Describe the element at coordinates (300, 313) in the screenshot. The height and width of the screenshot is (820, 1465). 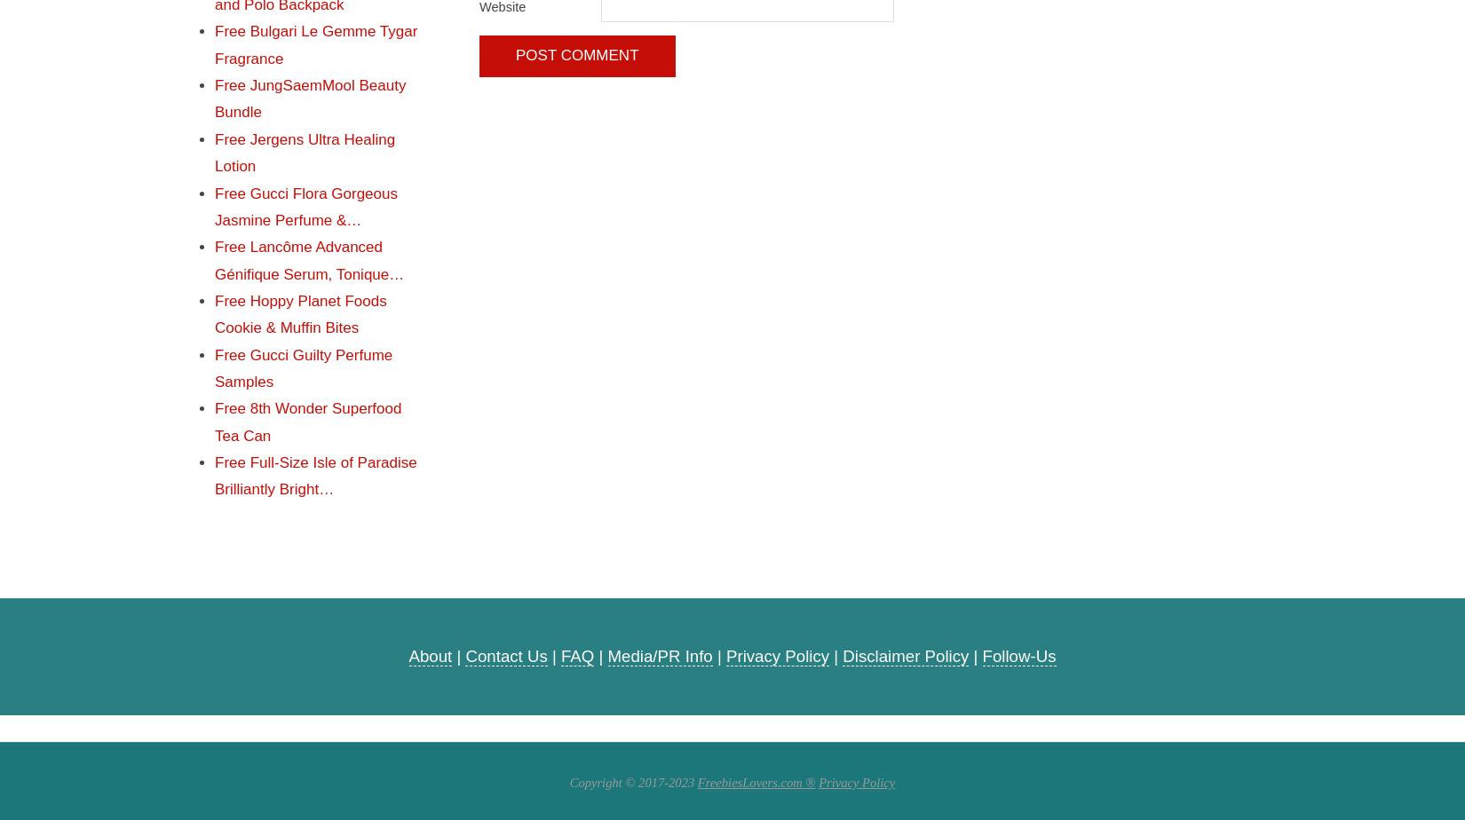
I see `'Free Hoppy Planet Foods Cookie & Muffin Bites'` at that location.